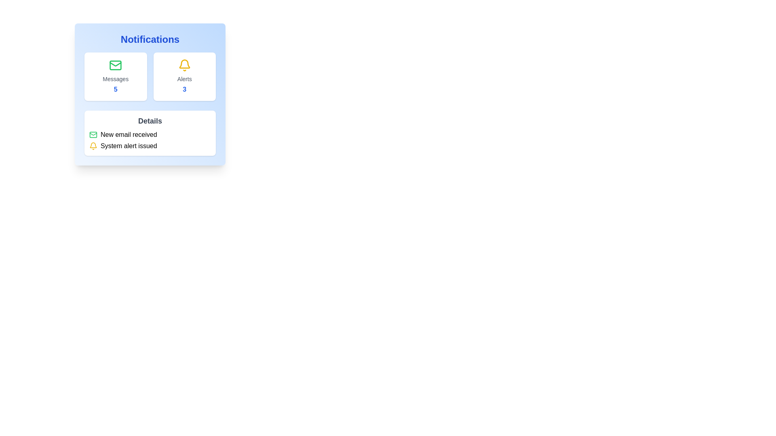 This screenshot has height=436, width=776. What do you see at coordinates (115, 64) in the screenshot?
I see `the envelope icon representing mail or messages in the 'Messages' section of the 'Notifications' panel` at bounding box center [115, 64].